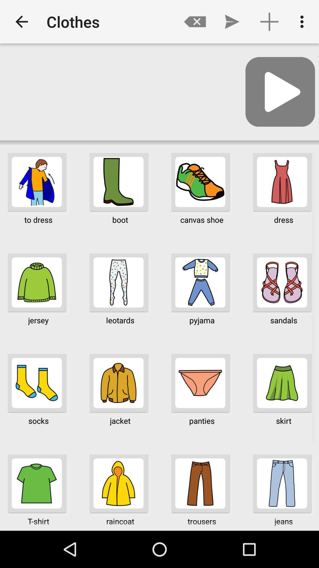 This screenshot has height=568, width=319. I want to click on icon to the left of the clothes icon, so click(21, 22).